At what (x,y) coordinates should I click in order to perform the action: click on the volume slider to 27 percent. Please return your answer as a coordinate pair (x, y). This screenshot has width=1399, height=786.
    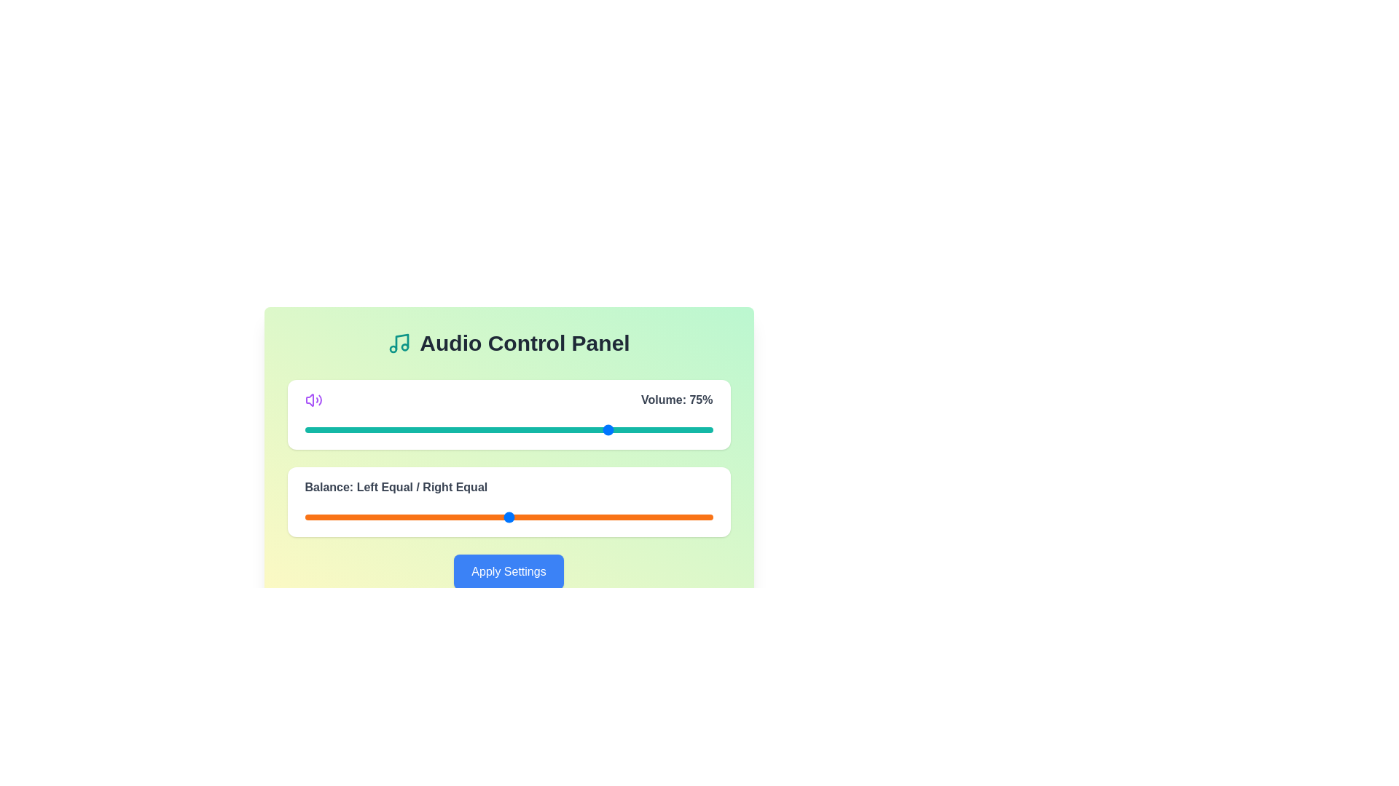
    Looking at the image, I should click on (414, 429).